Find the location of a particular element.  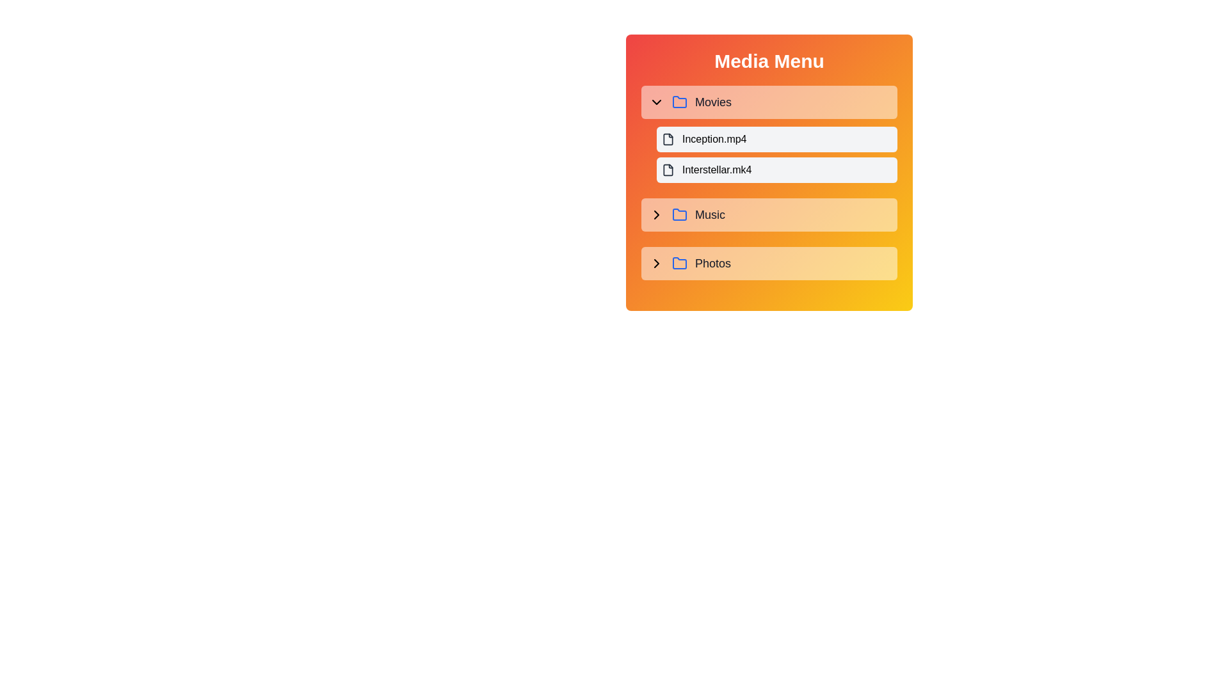

the SVG icon representing the file item for 'Inception.mp4' in the 'Movies' section of the Media Menu is located at coordinates (667, 139).